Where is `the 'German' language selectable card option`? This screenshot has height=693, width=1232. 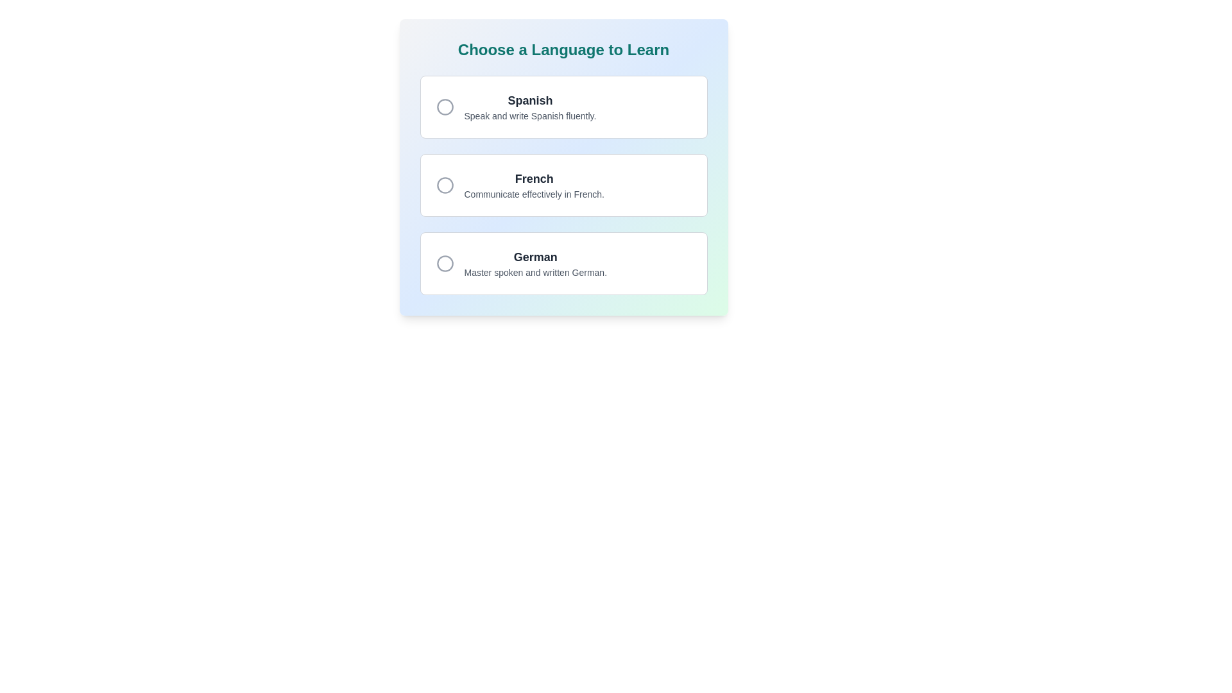 the 'German' language selectable card option is located at coordinates (563, 263).